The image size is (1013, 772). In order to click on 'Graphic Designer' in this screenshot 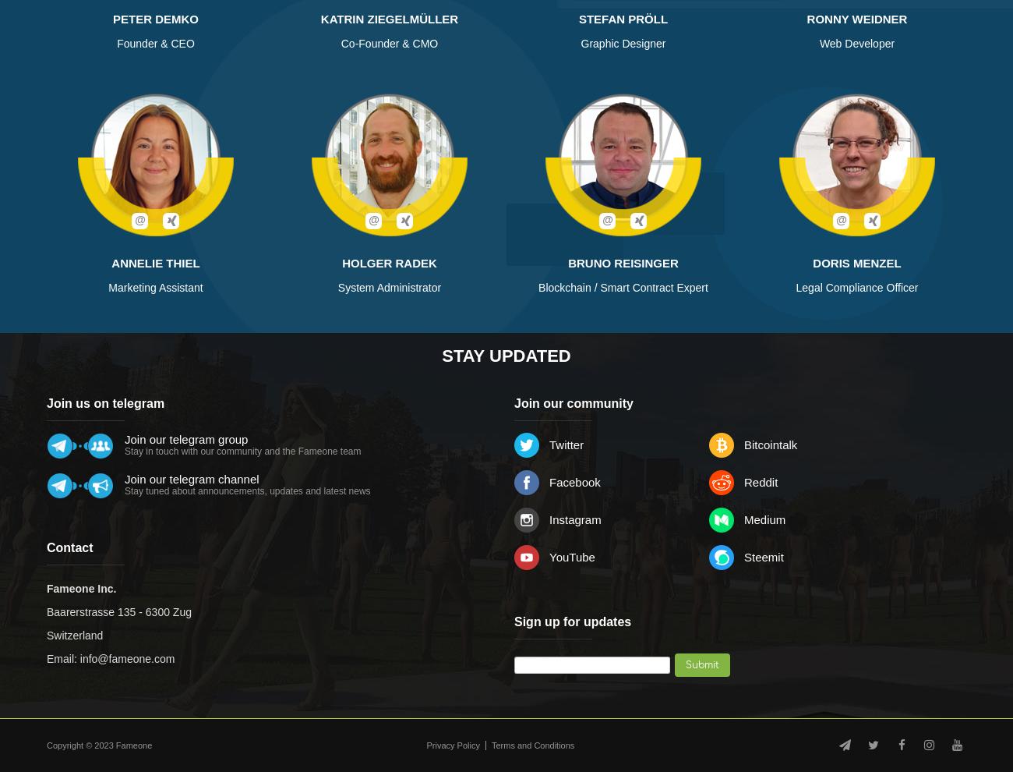, I will do `click(622, 44)`.